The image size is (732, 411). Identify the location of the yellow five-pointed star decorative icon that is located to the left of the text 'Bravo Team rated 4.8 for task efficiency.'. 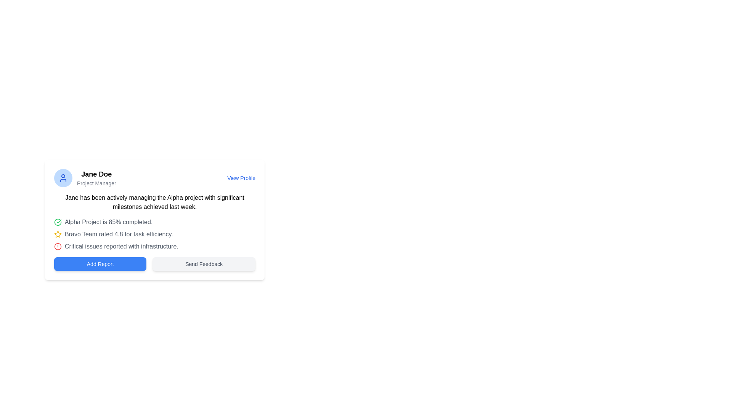
(58, 234).